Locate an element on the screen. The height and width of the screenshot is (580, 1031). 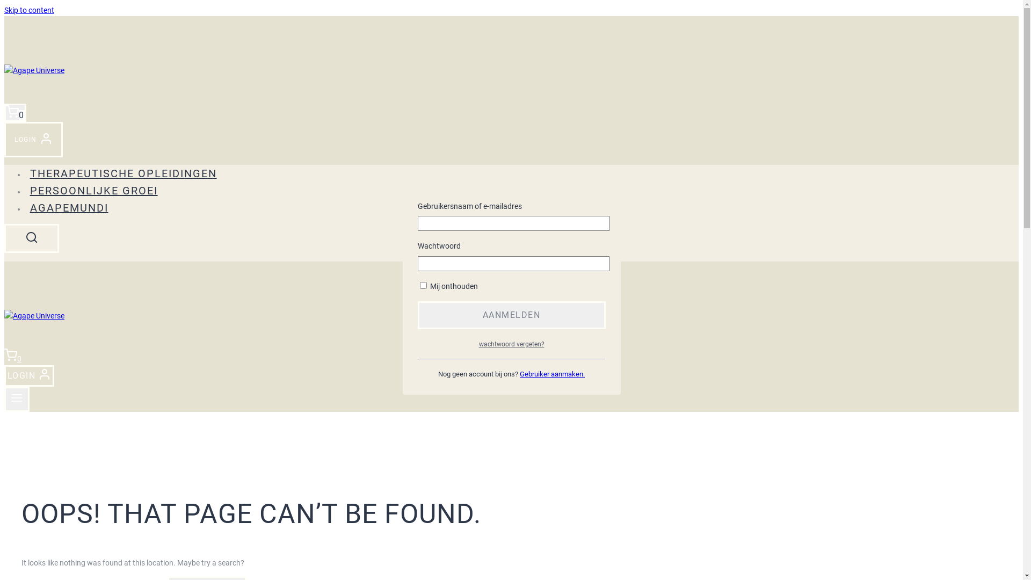
'TOGGLE MENU' is located at coordinates (17, 399).